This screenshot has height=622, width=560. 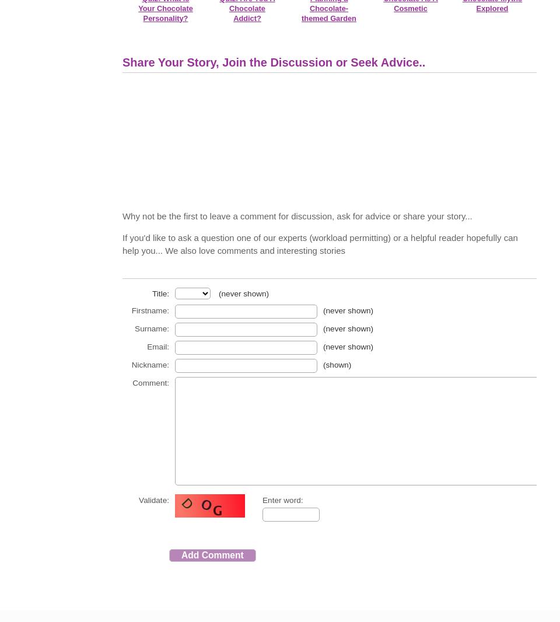 What do you see at coordinates (146, 346) in the screenshot?
I see `'Email:'` at bounding box center [146, 346].